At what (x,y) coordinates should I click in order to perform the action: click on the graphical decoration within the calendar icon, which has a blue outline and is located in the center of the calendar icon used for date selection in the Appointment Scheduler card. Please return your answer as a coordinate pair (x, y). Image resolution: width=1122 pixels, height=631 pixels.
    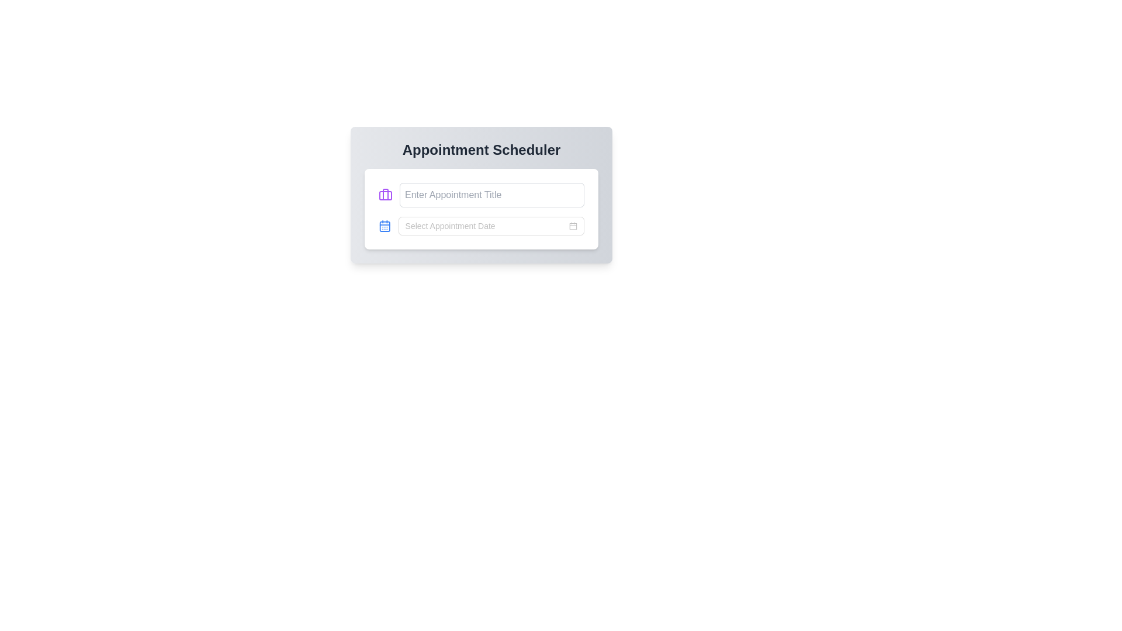
    Looking at the image, I should click on (385, 226).